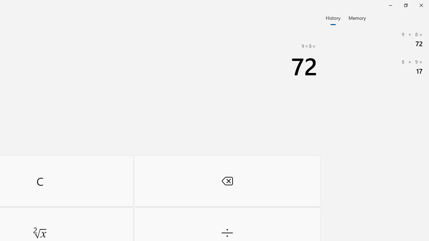 The height and width of the screenshot is (241, 429). Describe the element at coordinates (405, 5) in the screenshot. I see `'Restore Calculator'` at that location.